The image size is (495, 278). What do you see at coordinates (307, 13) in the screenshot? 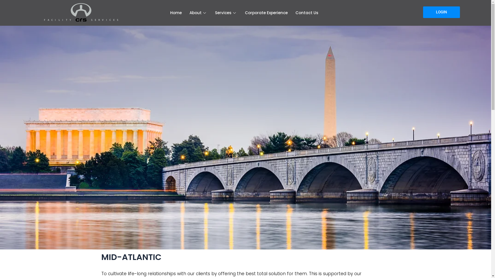
I see `'Contact Us'` at bounding box center [307, 13].